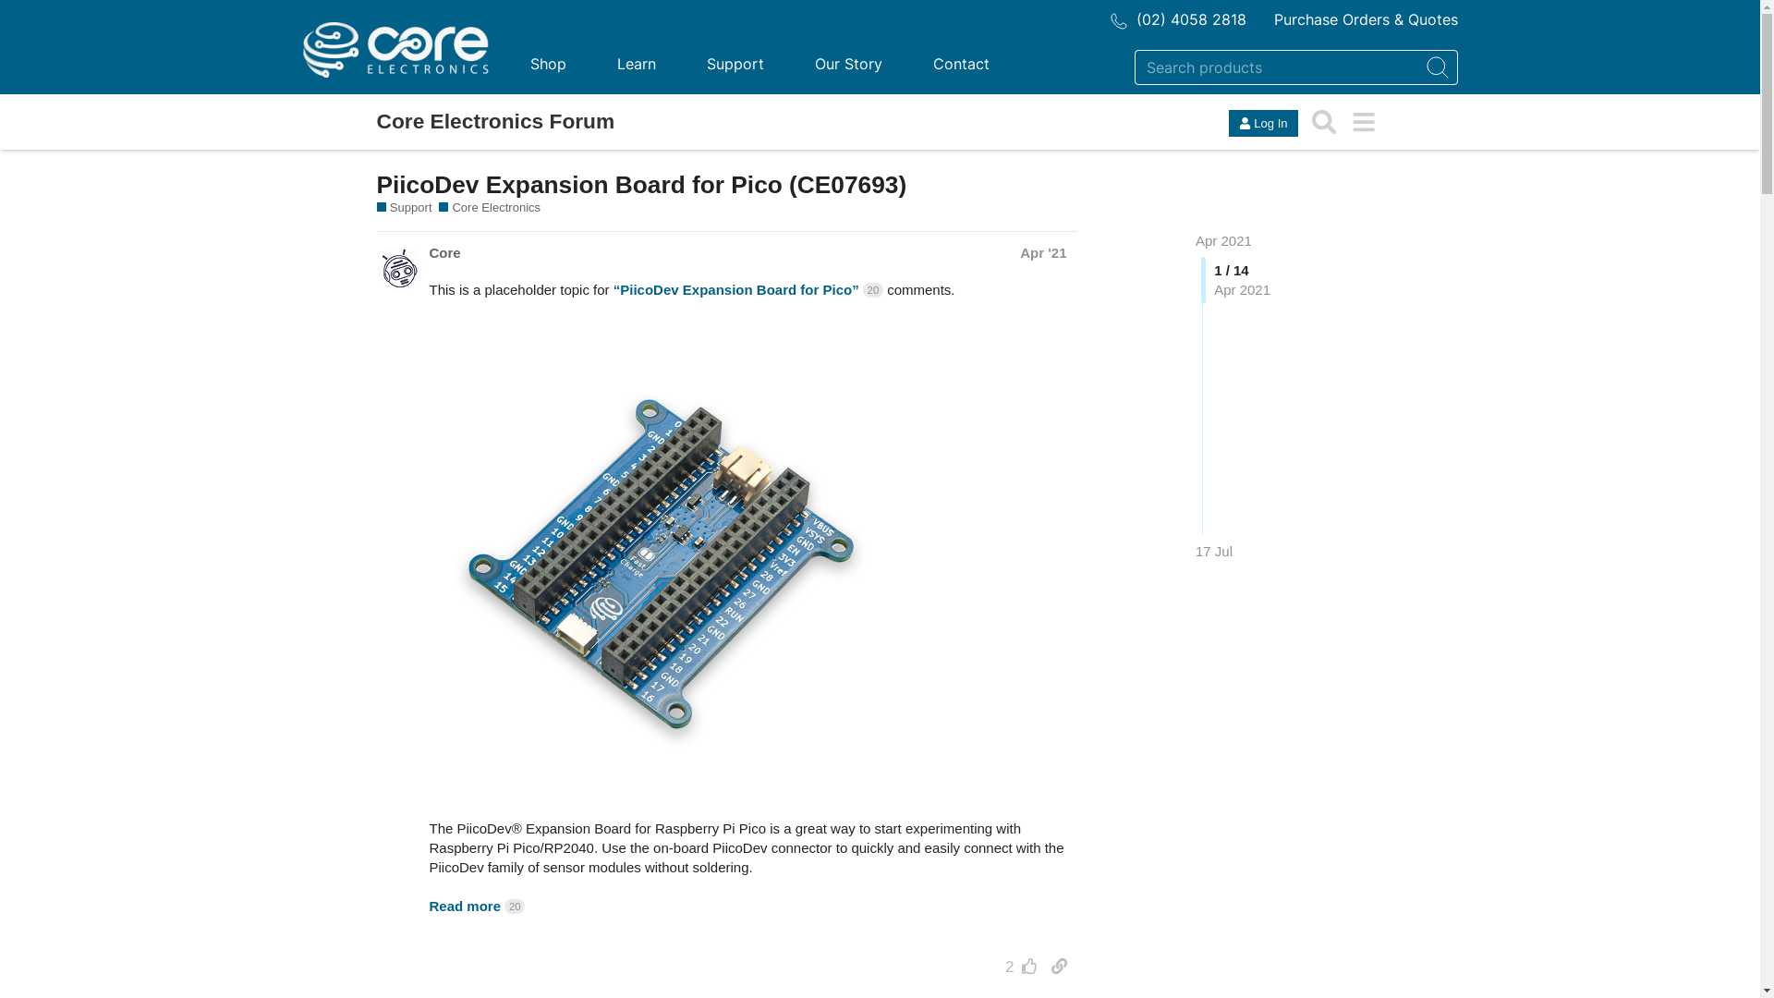 The height and width of the screenshot is (998, 1774). Describe the element at coordinates (476, 905) in the screenshot. I see `'Read more 20'` at that location.